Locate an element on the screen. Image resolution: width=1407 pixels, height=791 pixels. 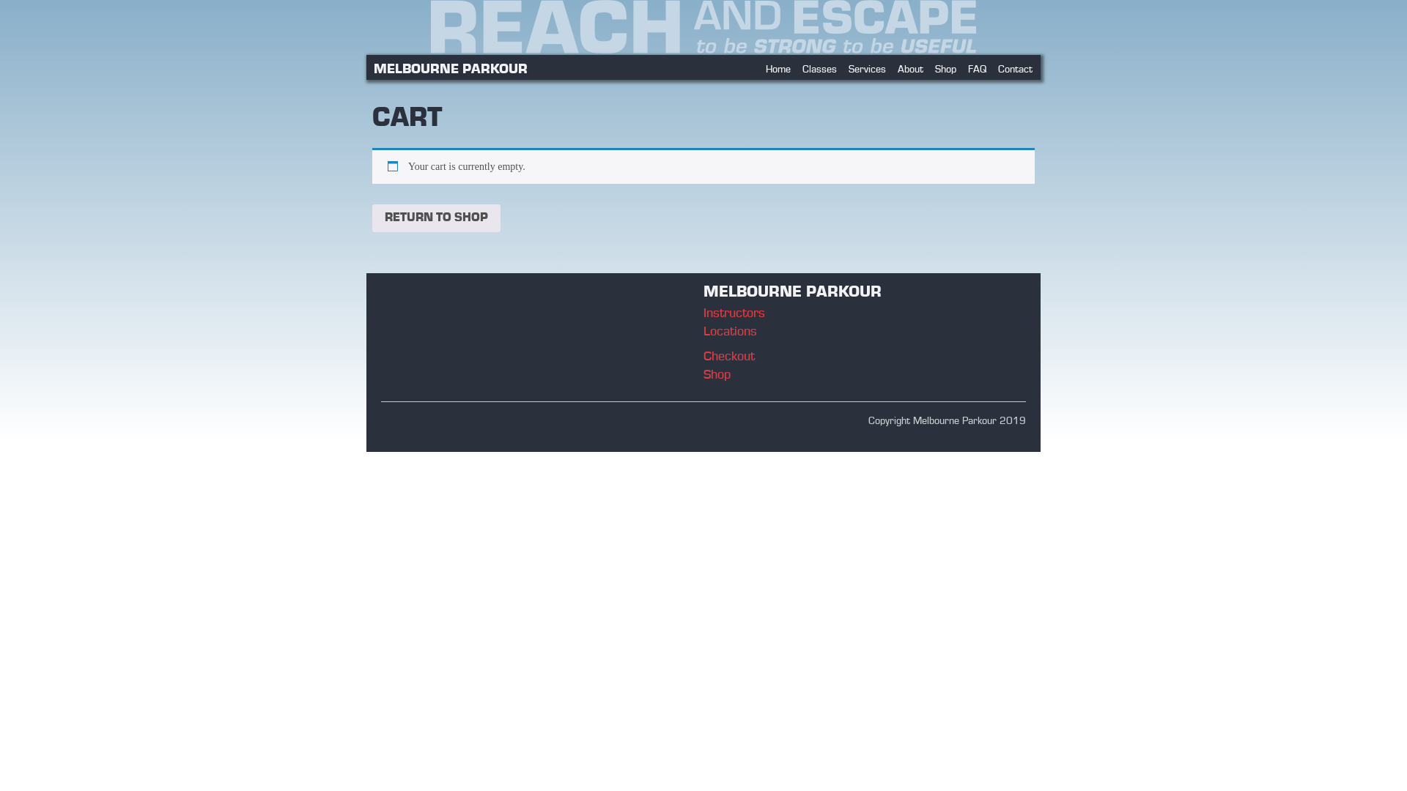
'Checkout' is located at coordinates (728, 357).